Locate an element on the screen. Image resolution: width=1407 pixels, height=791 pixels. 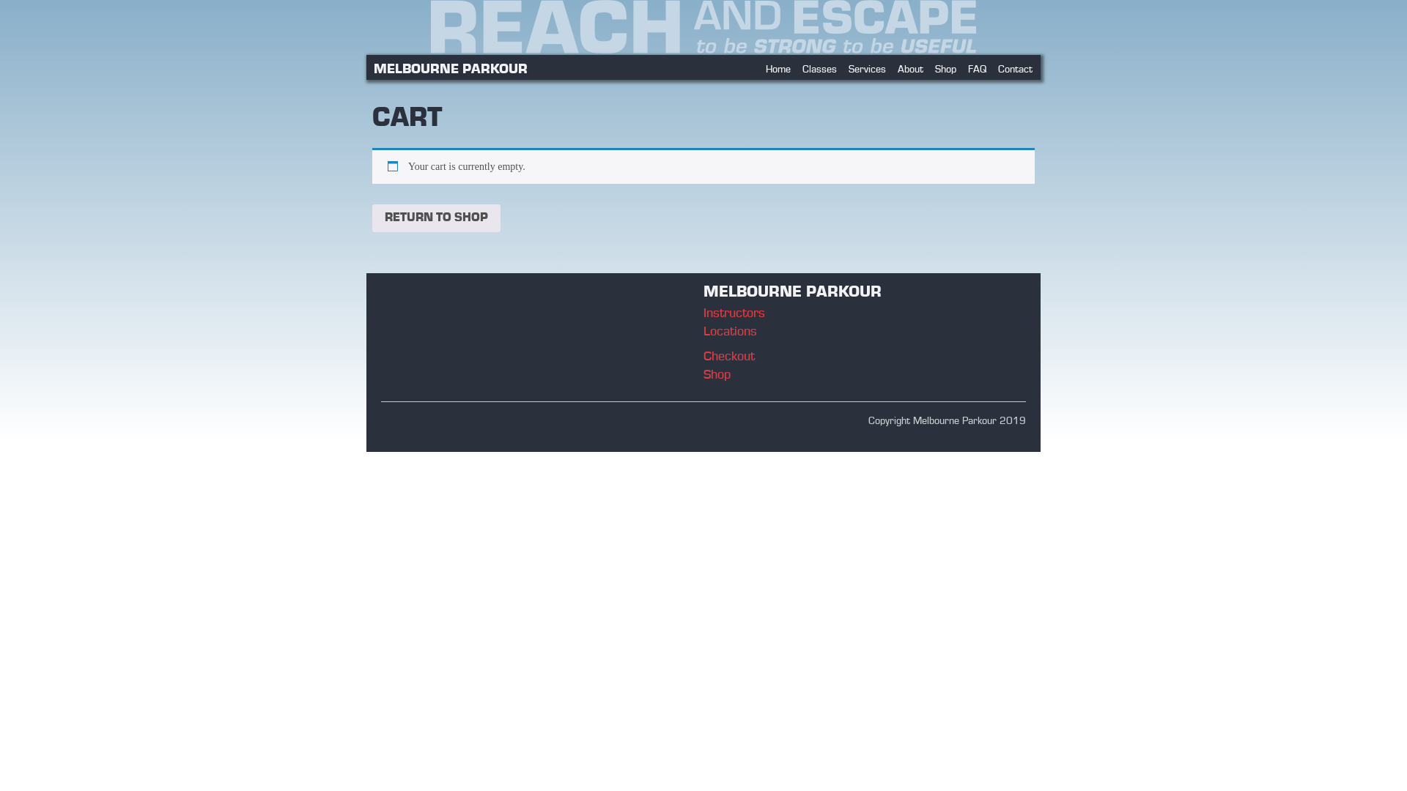
'Checkout' is located at coordinates (728, 357).